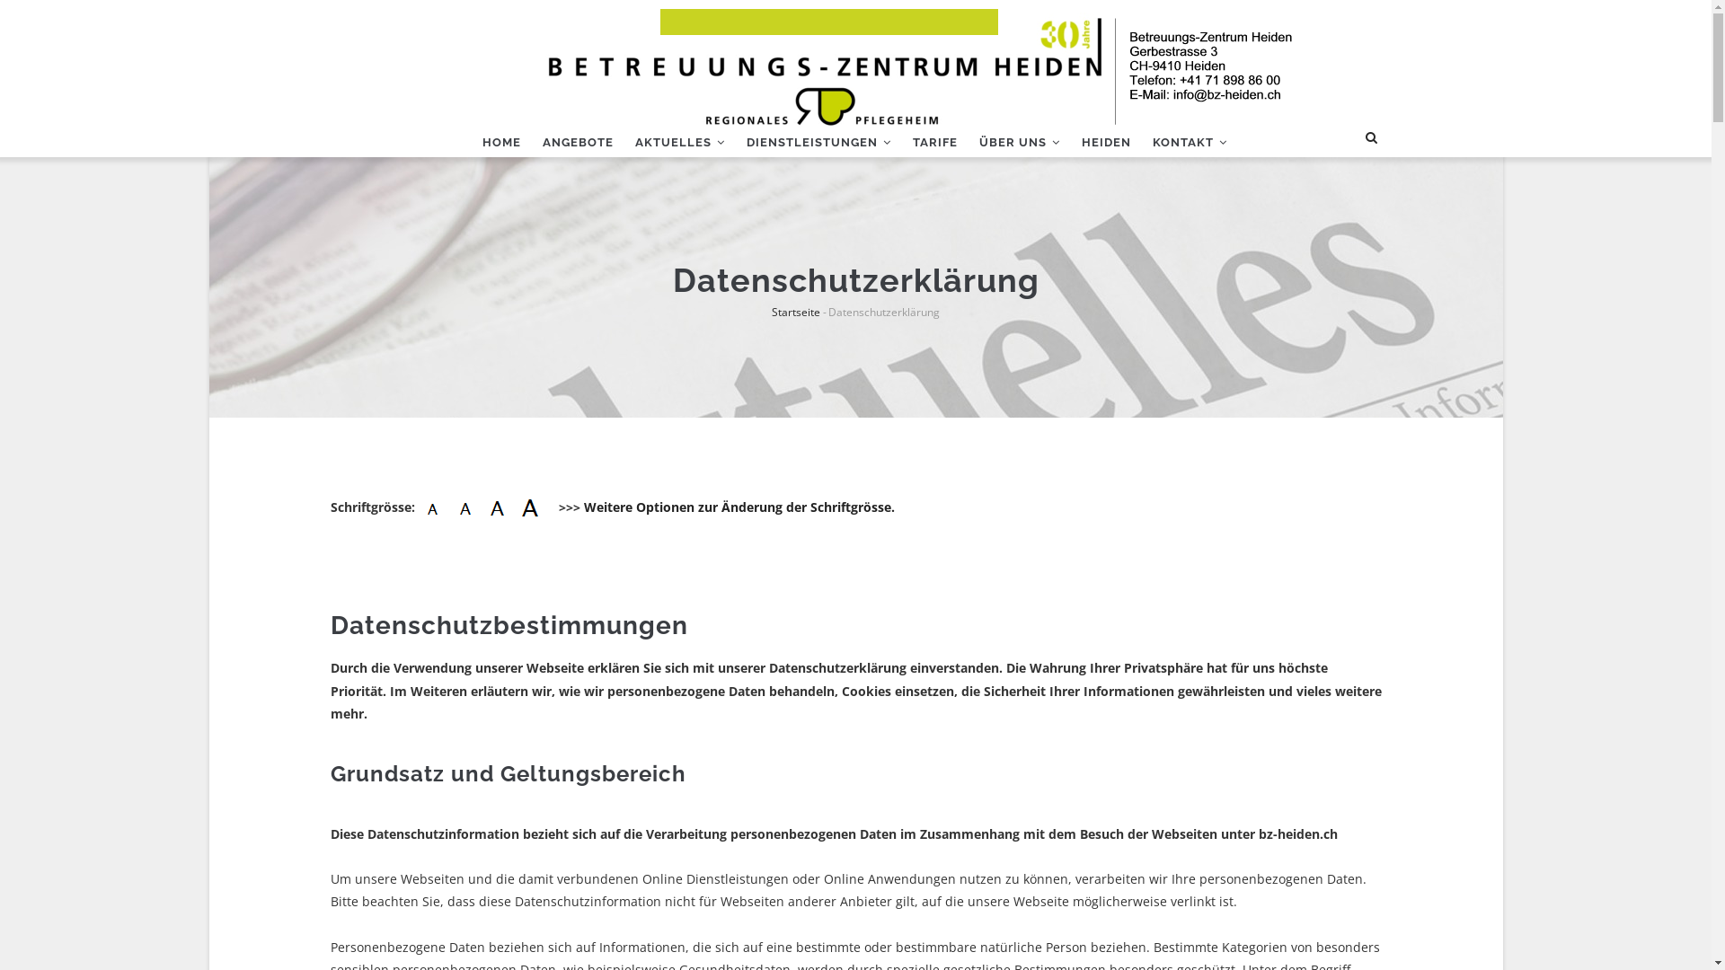 This screenshot has height=970, width=1725. Describe the element at coordinates (934, 141) in the screenshot. I see `'TARIFE'` at that location.